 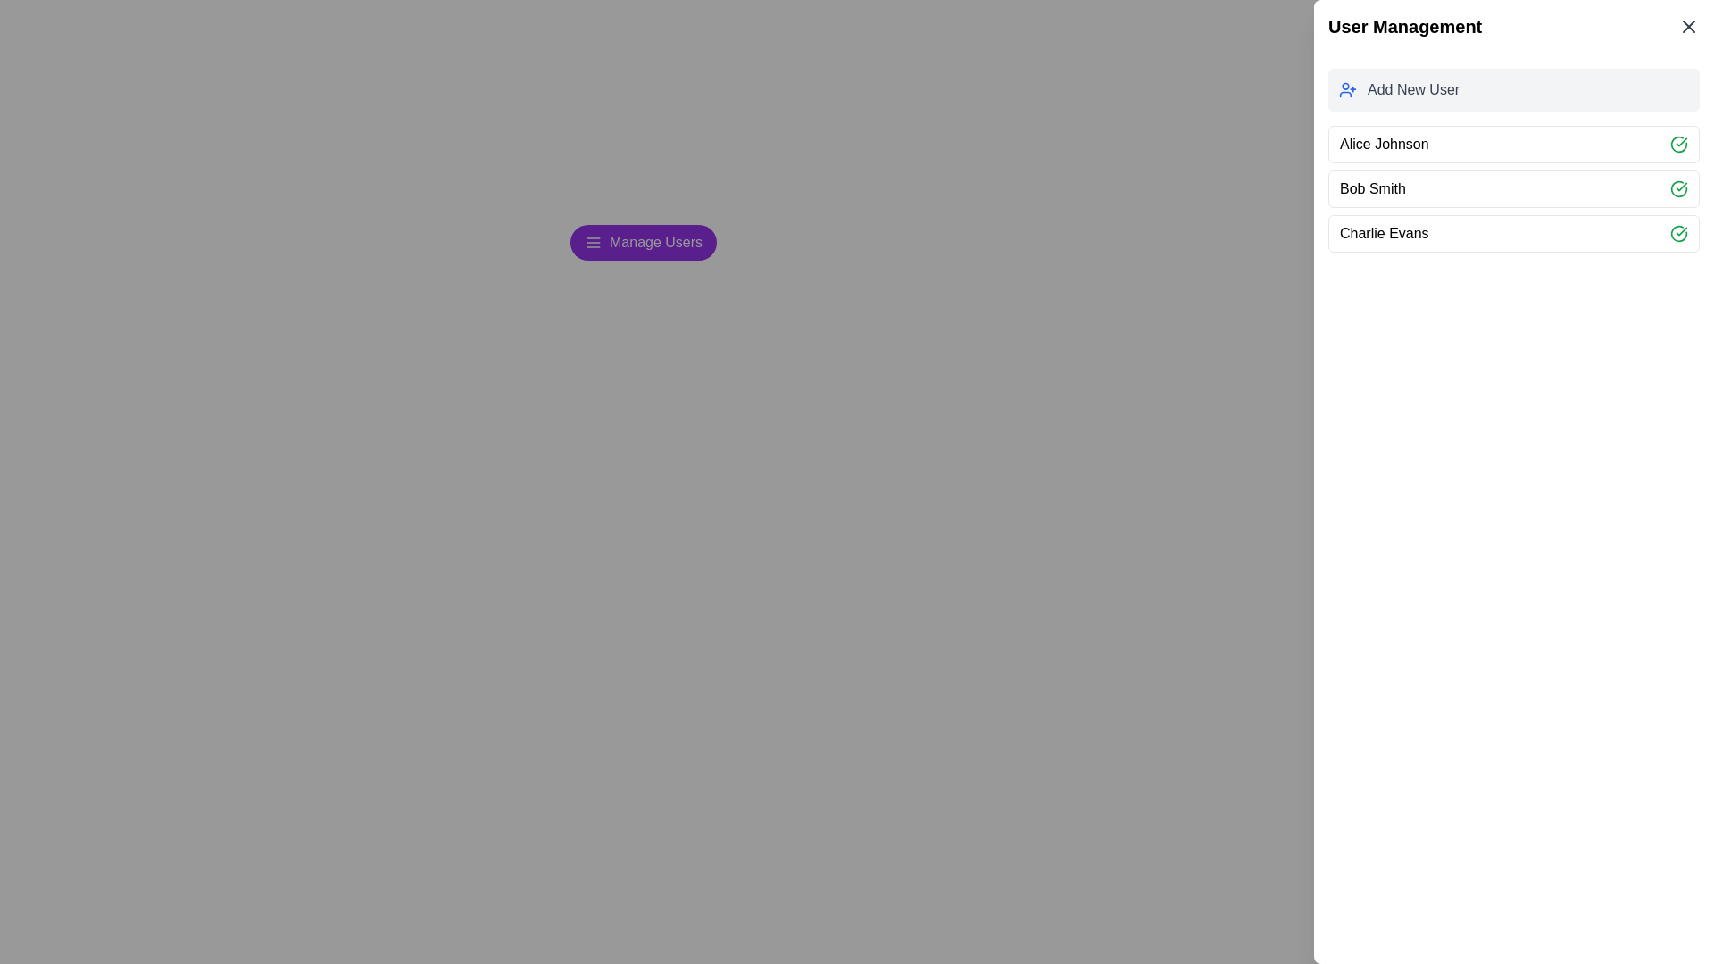 What do you see at coordinates (1348, 89) in the screenshot?
I see `the icon that represents the addition of a new user, located to the left of the 'Add New User' text in the sidebar` at bounding box center [1348, 89].